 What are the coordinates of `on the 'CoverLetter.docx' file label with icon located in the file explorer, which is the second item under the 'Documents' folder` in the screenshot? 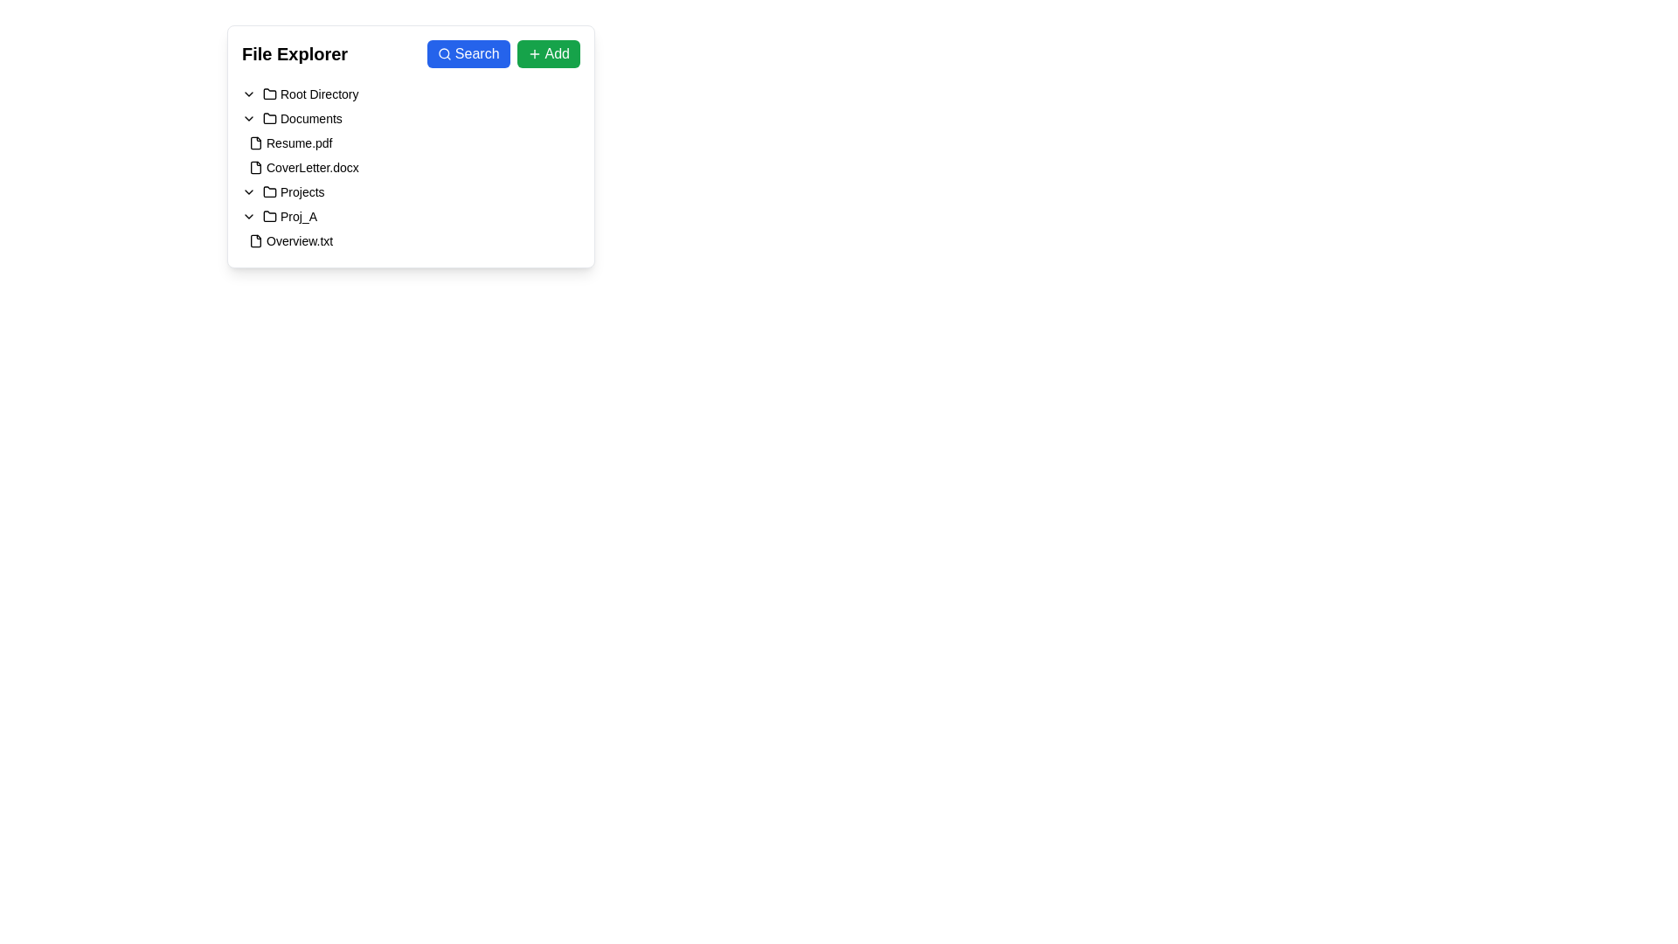 It's located at (303, 168).